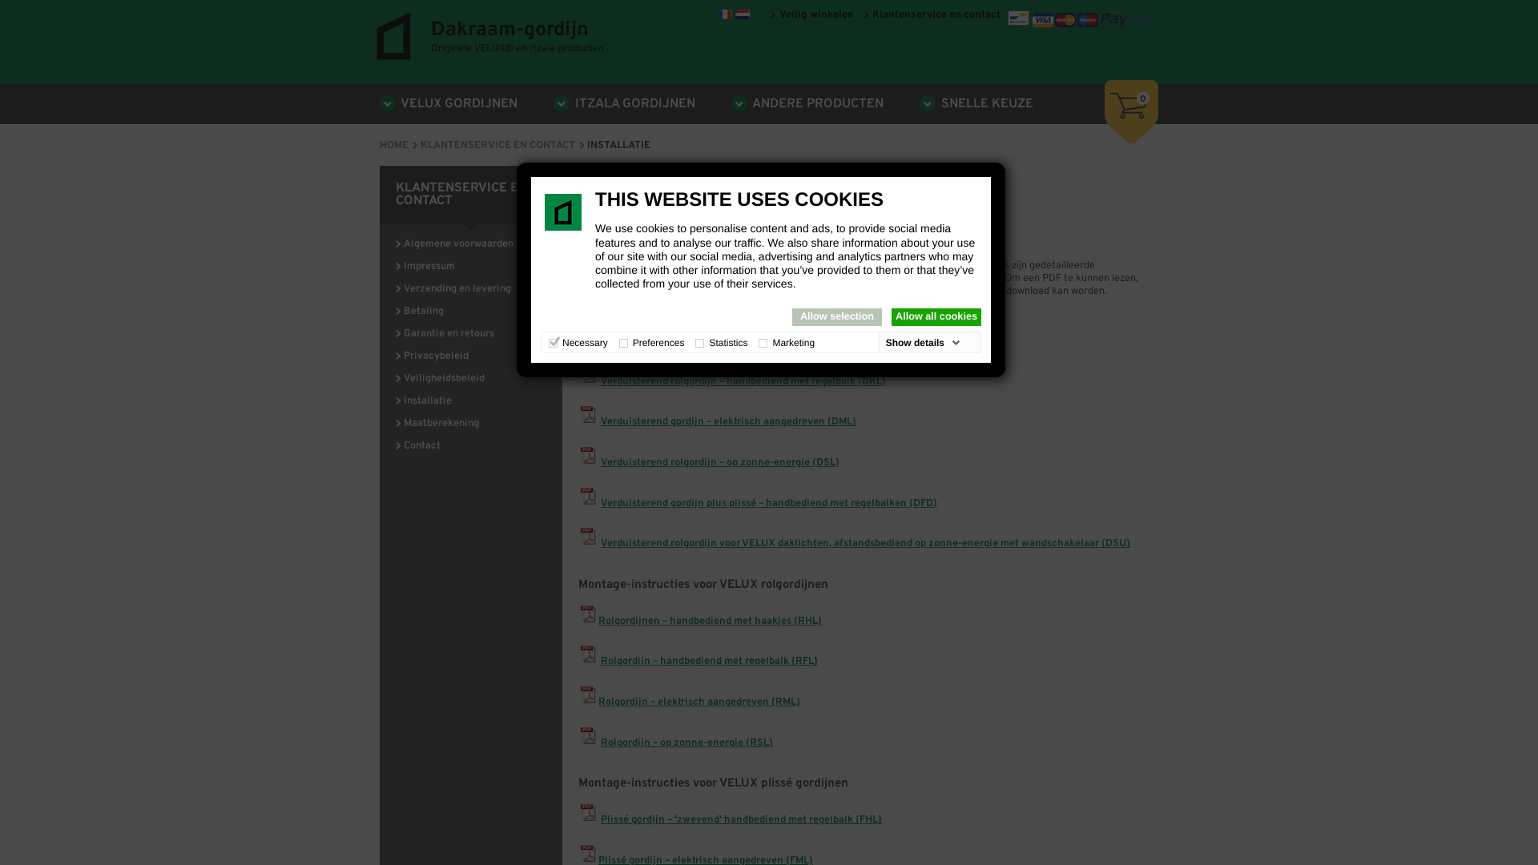 This screenshot has height=865, width=1538. What do you see at coordinates (1130, 111) in the screenshot?
I see `'0'` at bounding box center [1130, 111].